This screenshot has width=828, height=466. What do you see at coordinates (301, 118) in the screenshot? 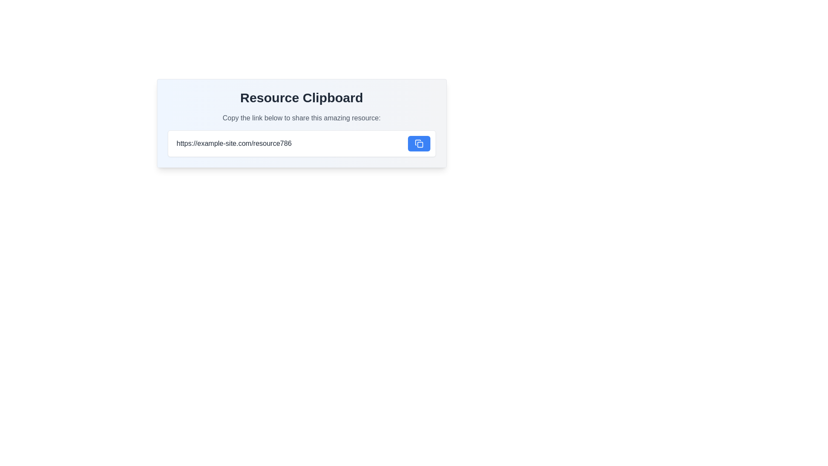
I see `the text label that instructs 'Copy the link below to share this amazing resource:', which is styled in gray within a blue-to-gray gradient panel, located below the title 'Resource Clipboard'` at bounding box center [301, 118].